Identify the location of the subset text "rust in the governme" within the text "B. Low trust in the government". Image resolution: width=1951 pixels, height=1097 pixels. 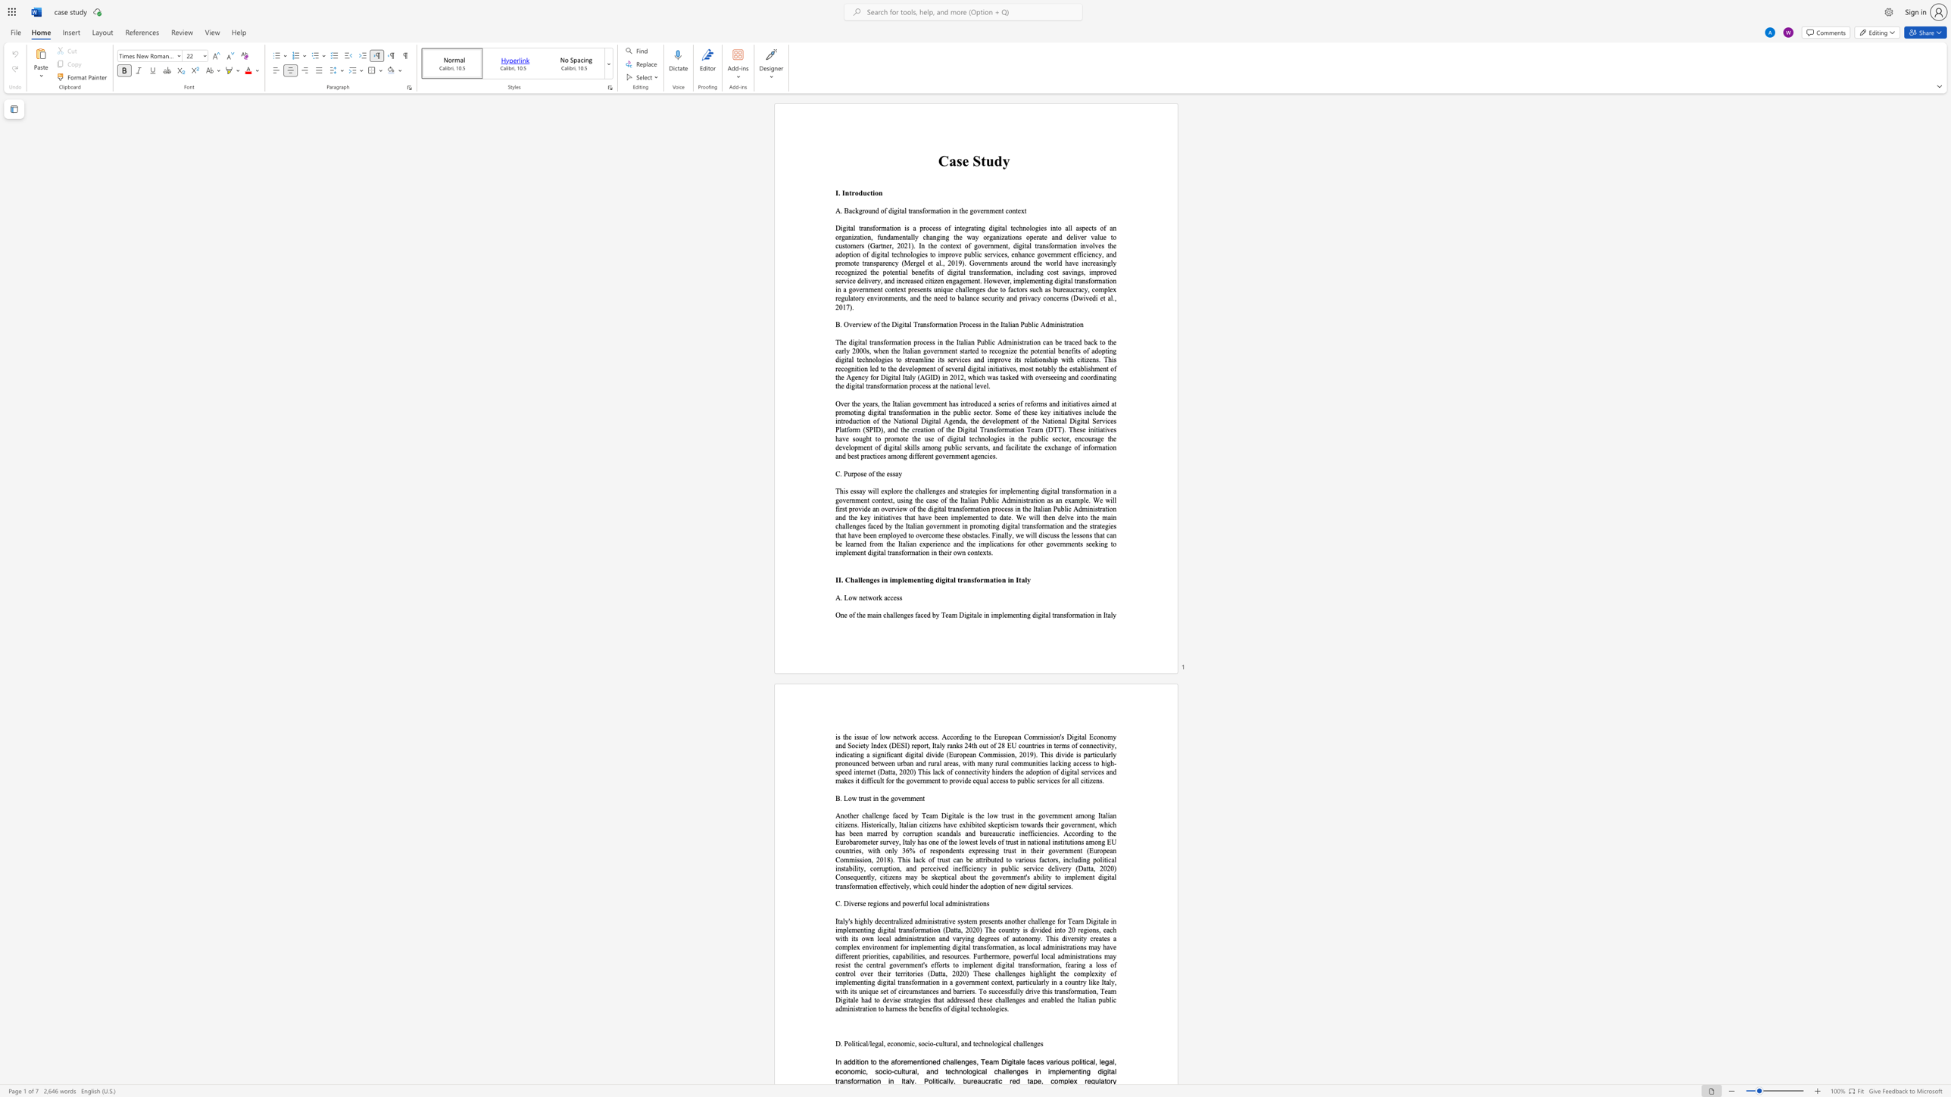
(859, 798).